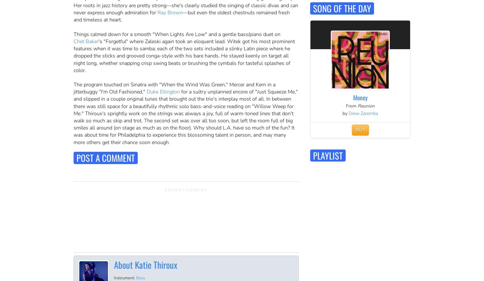 The height and width of the screenshot is (281, 484). What do you see at coordinates (346, 105) in the screenshot?
I see `'From'` at bounding box center [346, 105].